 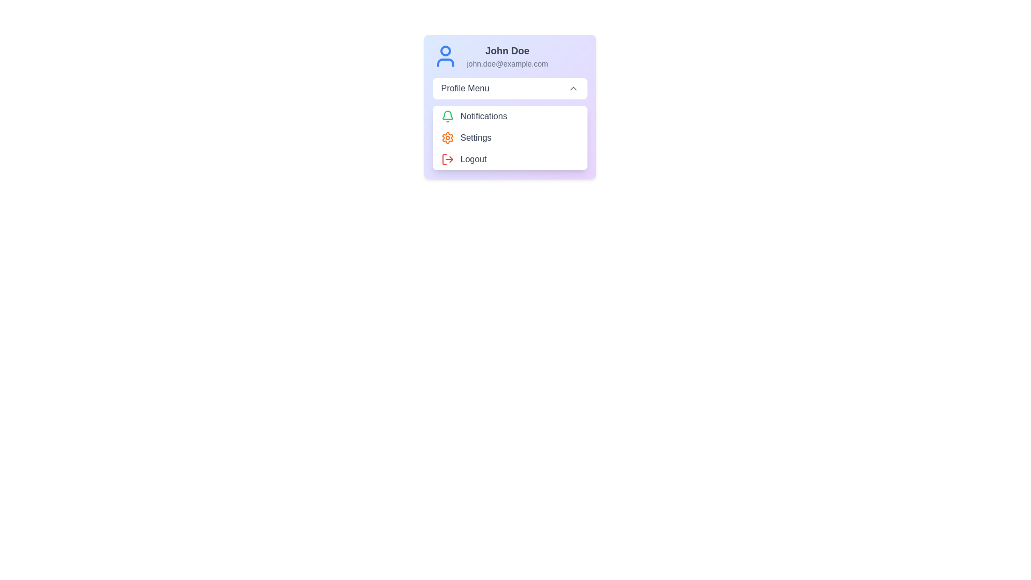 What do you see at coordinates (447, 137) in the screenshot?
I see `the 'Settings' menu icon, which serves as a visual indicator for accessing configuration options` at bounding box center [447, 137].